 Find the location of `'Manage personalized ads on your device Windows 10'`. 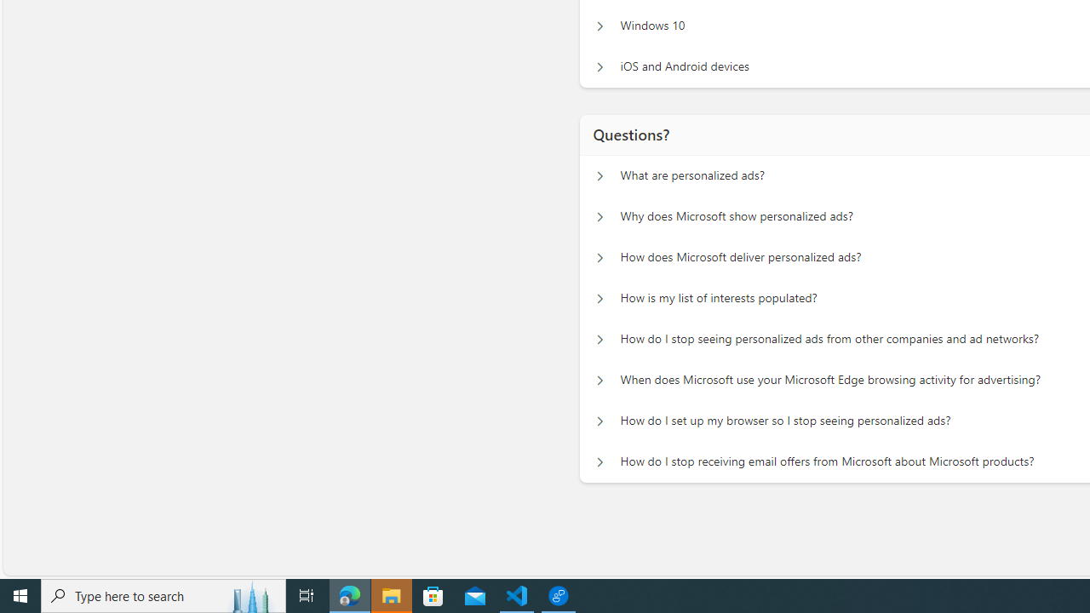

'Manage personalized ads on your device Windows 10' is located at coordinates (599, 26).